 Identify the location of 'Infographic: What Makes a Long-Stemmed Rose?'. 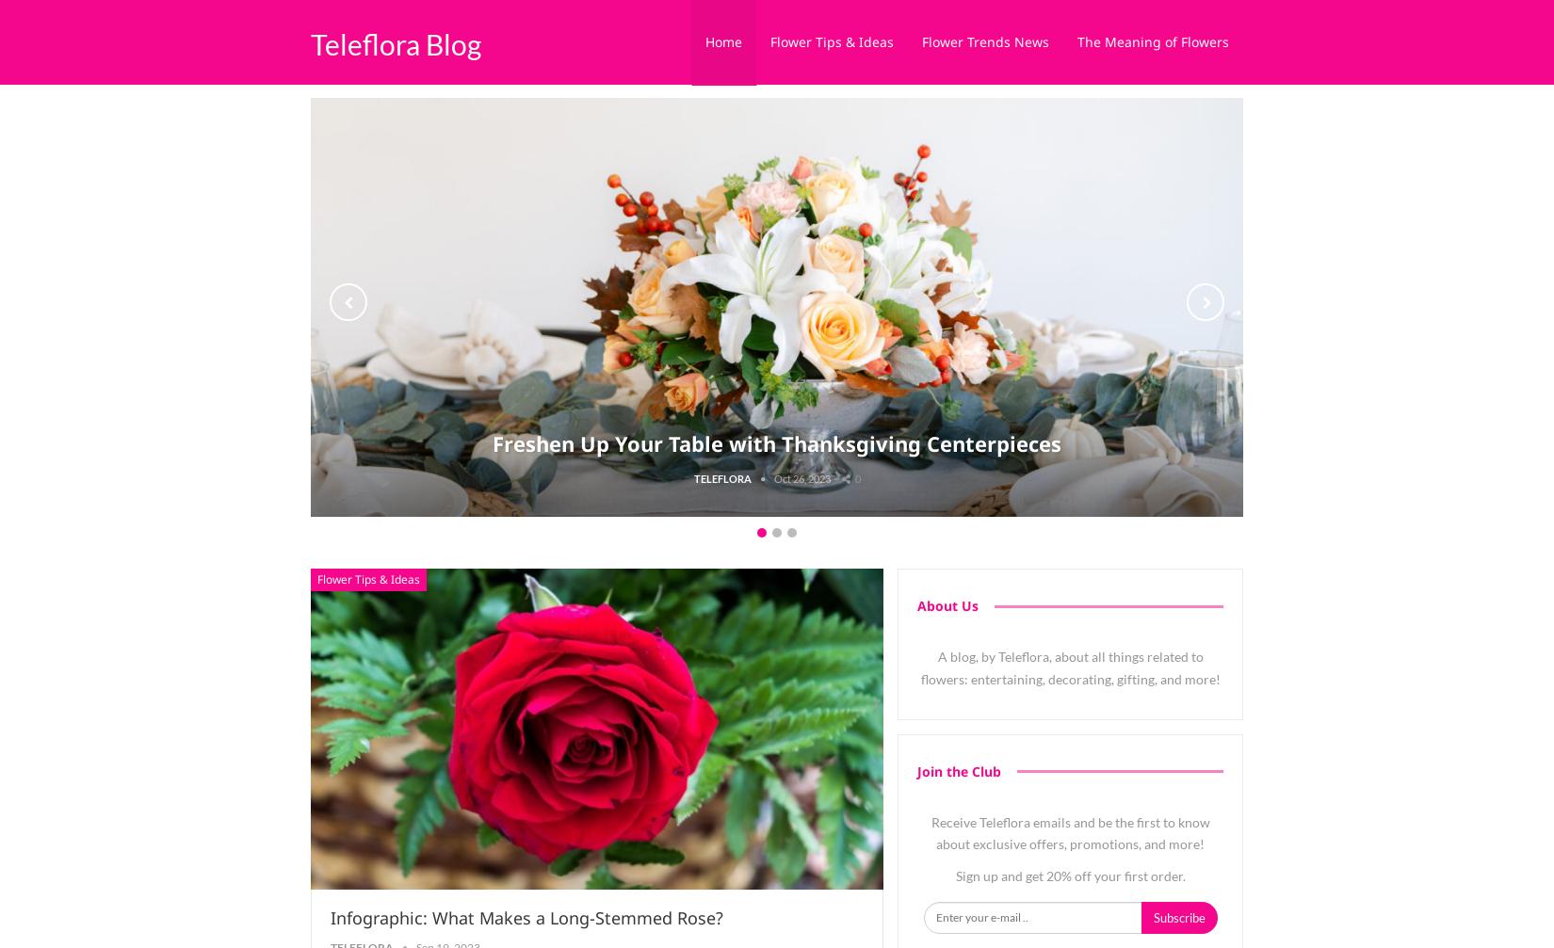
(526, 915).